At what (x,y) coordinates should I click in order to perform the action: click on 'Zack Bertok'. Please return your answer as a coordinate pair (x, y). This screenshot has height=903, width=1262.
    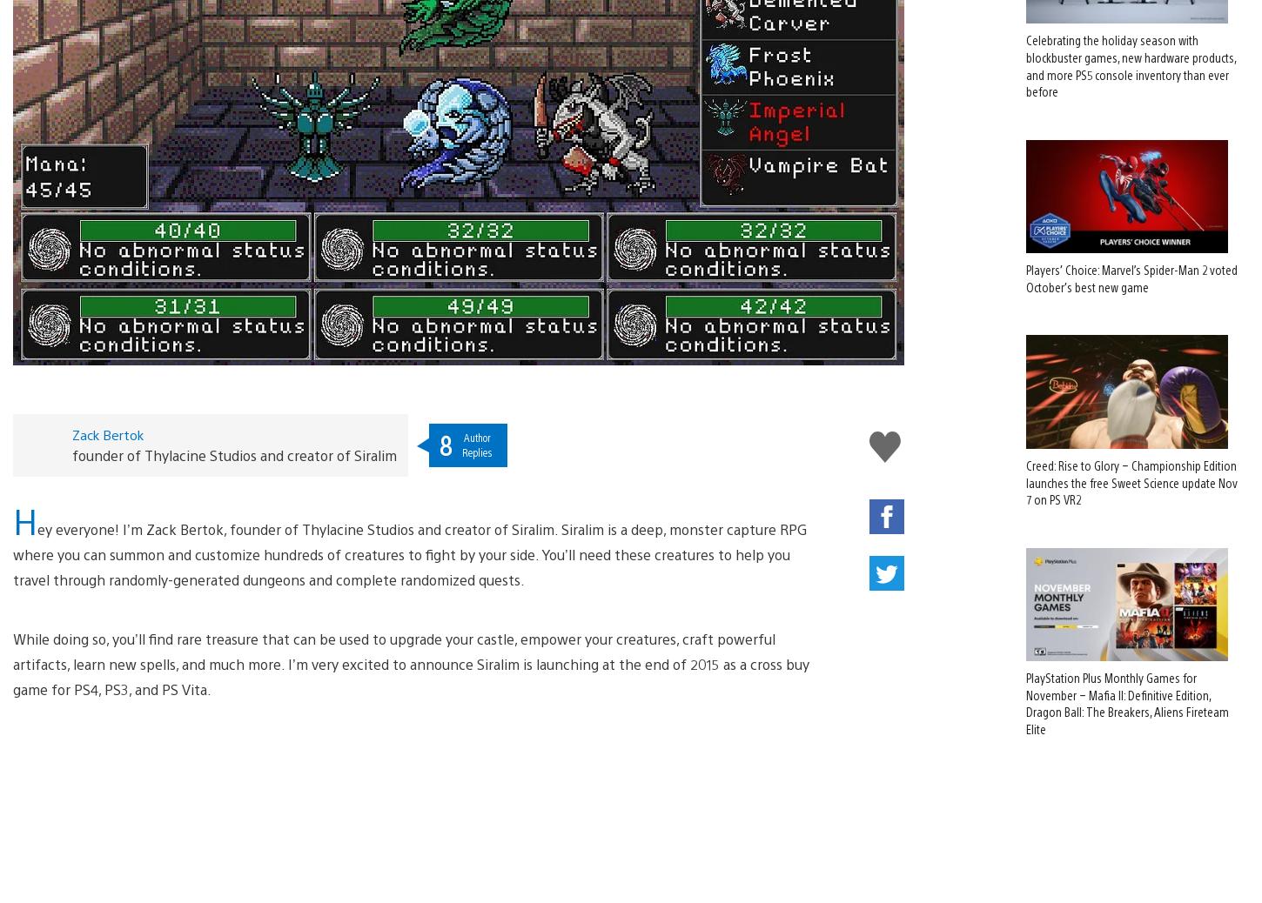
    Looking at the image, I should click on (105, 405).